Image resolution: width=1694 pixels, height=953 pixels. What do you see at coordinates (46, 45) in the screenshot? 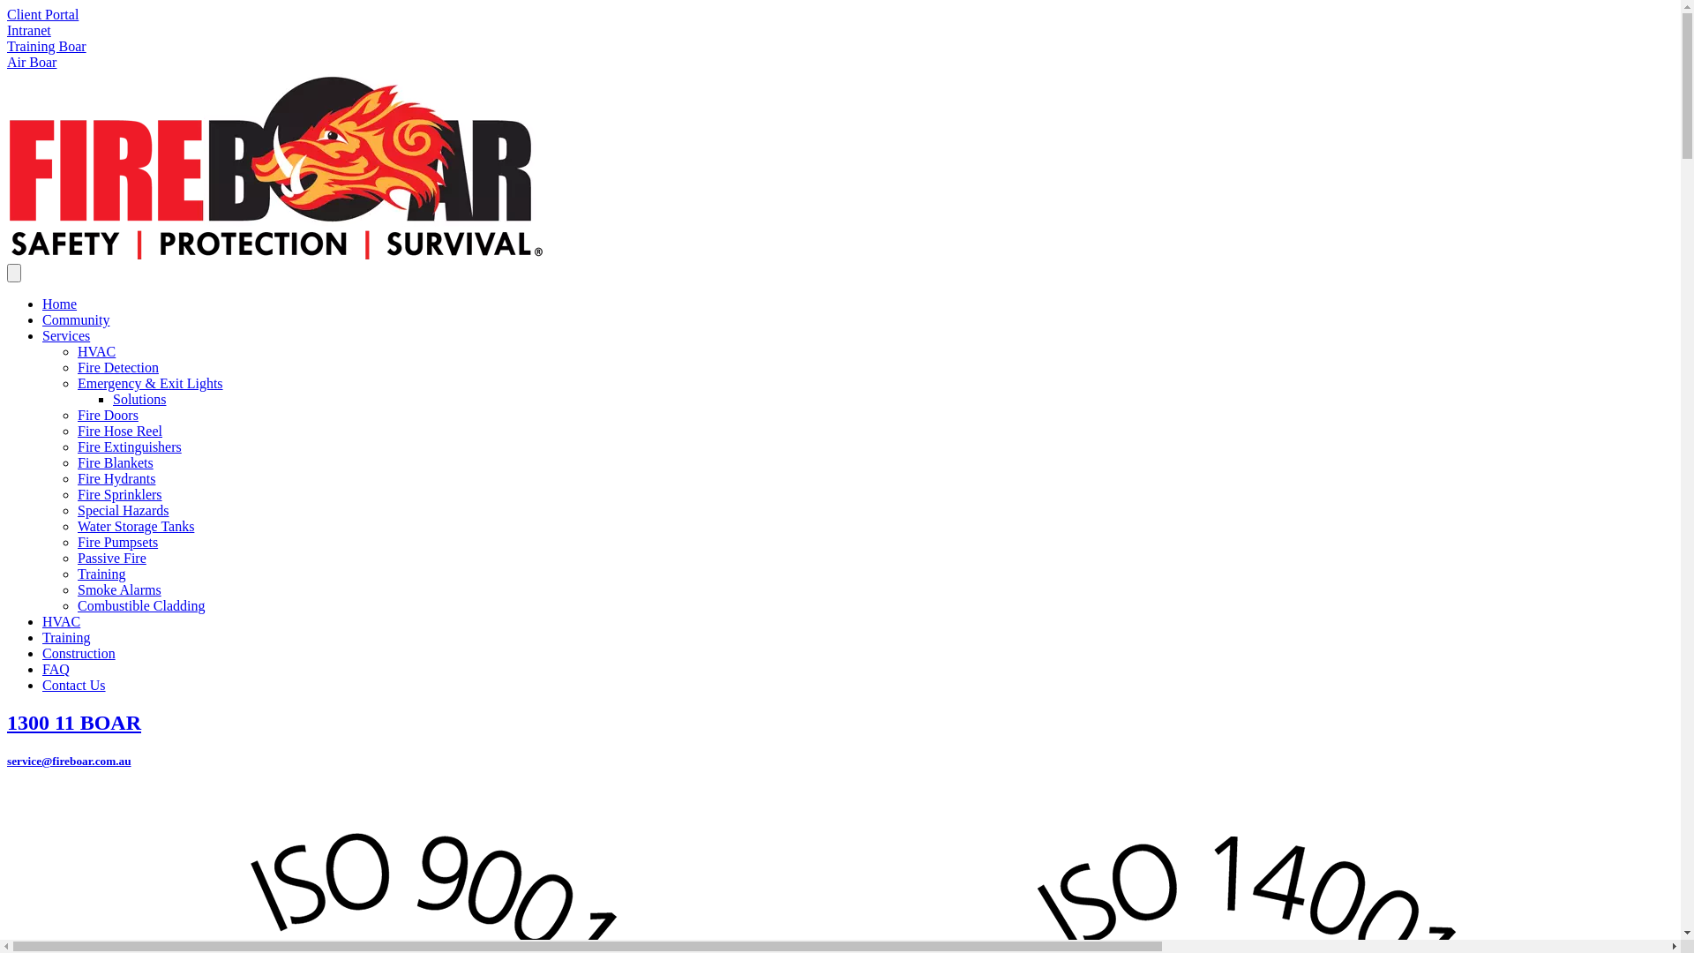
I see `'Training Boar'` at bounding box center [46, 45].